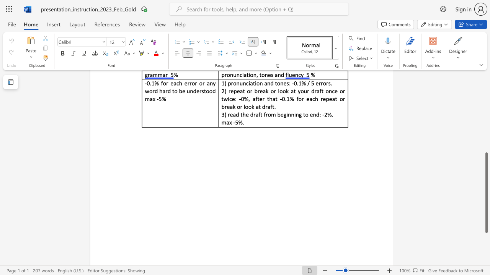 This screenshot has width=490, height=275. Describe the element at coordinates (486, 192) in the screenshot. I see `the scrollbar and move up 150 pixels` at that location.